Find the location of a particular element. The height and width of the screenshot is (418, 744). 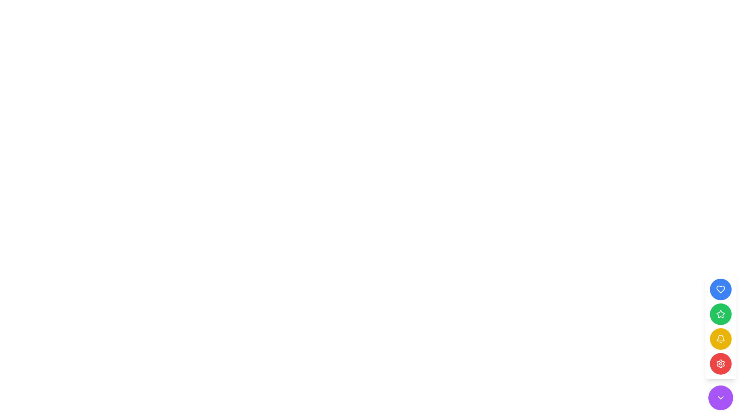

the notification button located in the bottom-right corner, directly below the green star button and above the red gear button is located at coordinates (720, 327).